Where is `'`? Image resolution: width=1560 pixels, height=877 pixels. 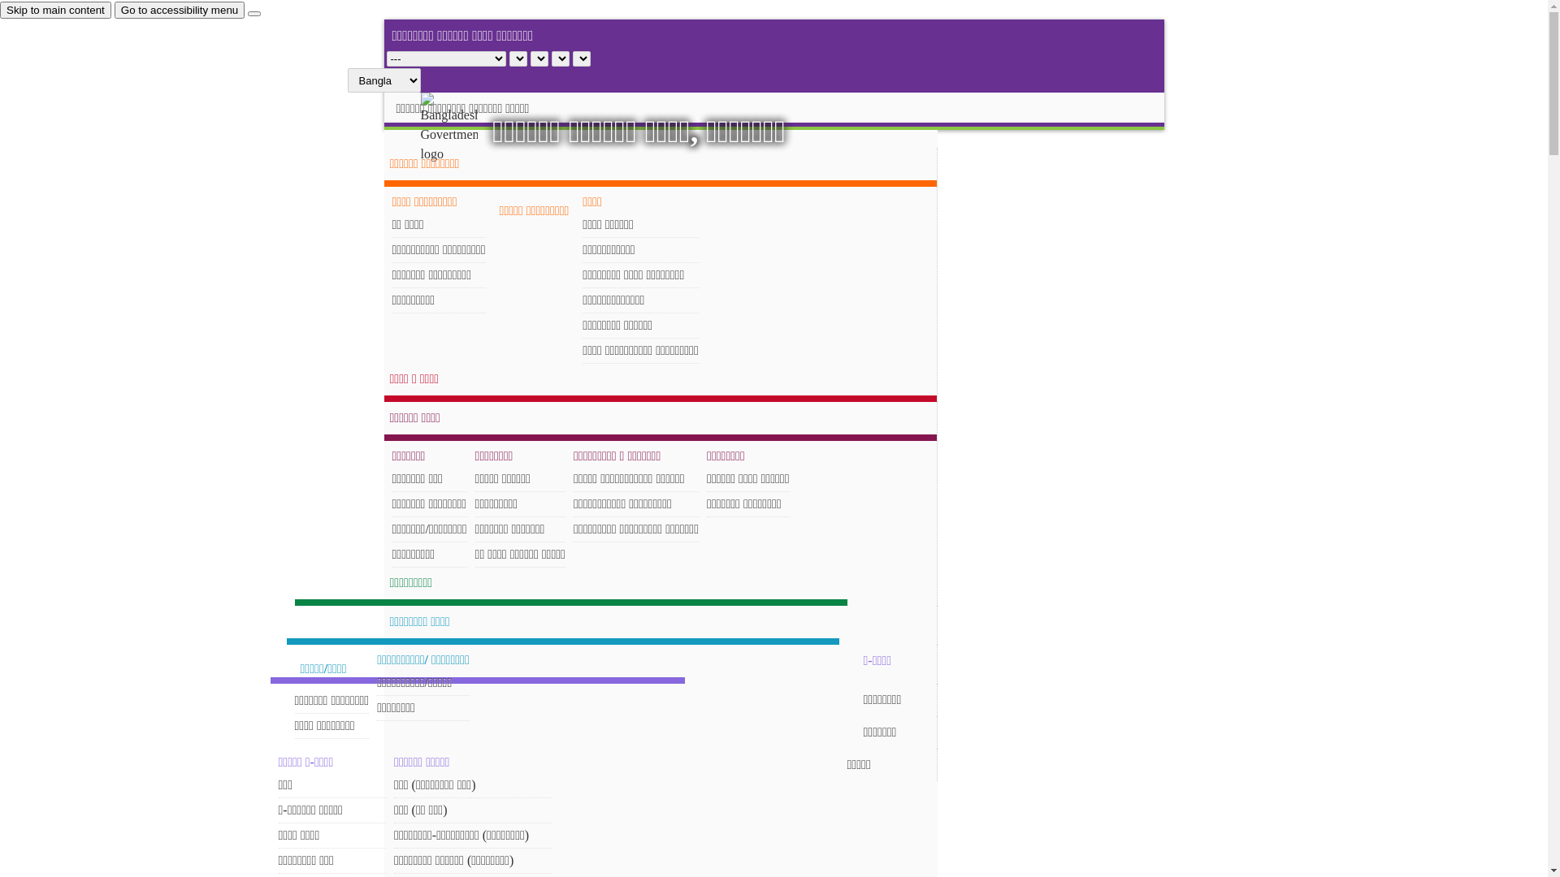 ' is located at coordinates (462, 127).